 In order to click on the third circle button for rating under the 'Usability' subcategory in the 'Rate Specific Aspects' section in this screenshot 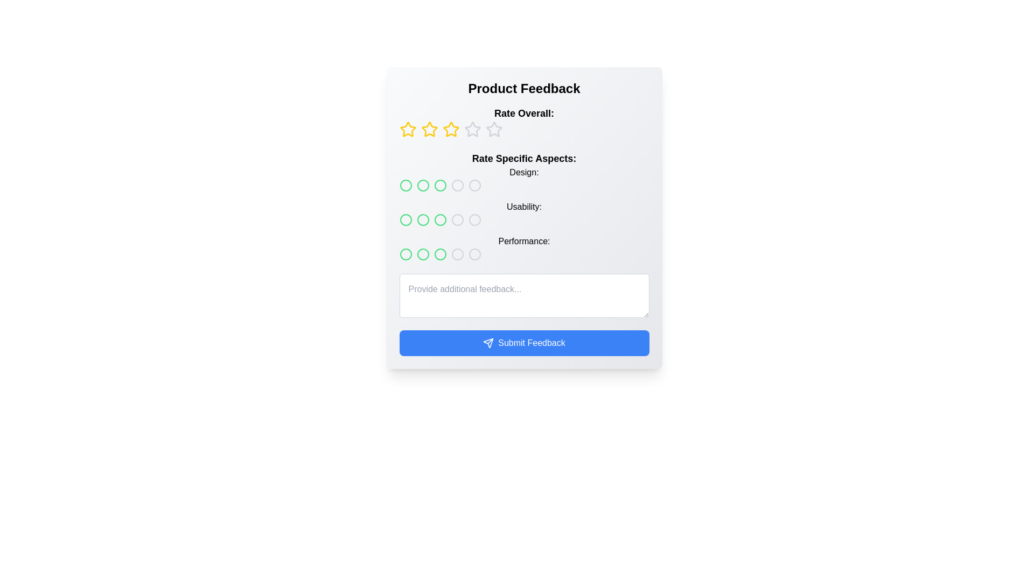, I will do `click(440, 219)`.